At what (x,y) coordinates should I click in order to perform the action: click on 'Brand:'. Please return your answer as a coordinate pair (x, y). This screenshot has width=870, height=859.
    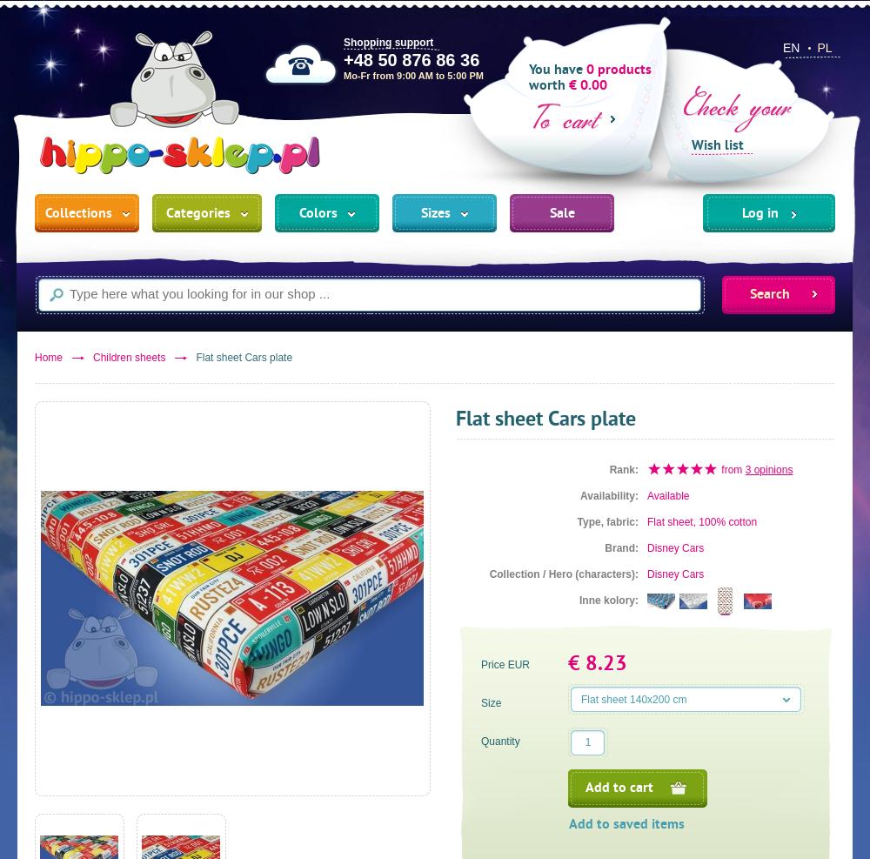
    Looking at the image, I should click on (620, 547).